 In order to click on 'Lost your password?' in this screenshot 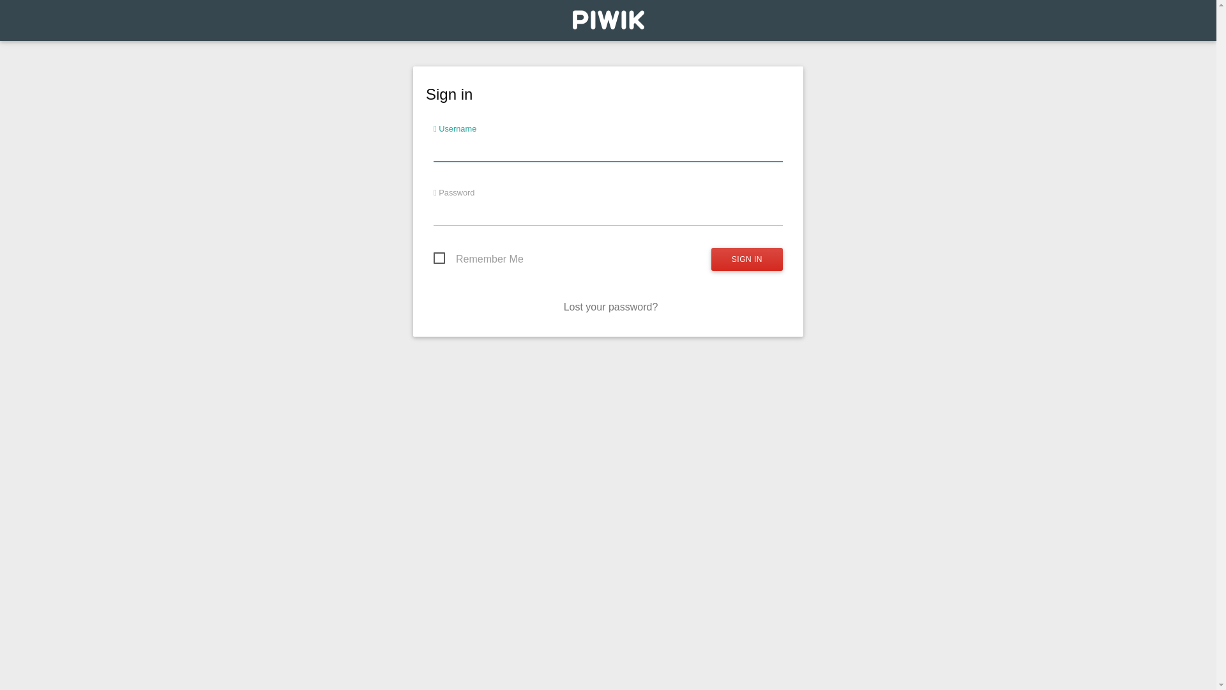, I will do `click(610, 307)`.